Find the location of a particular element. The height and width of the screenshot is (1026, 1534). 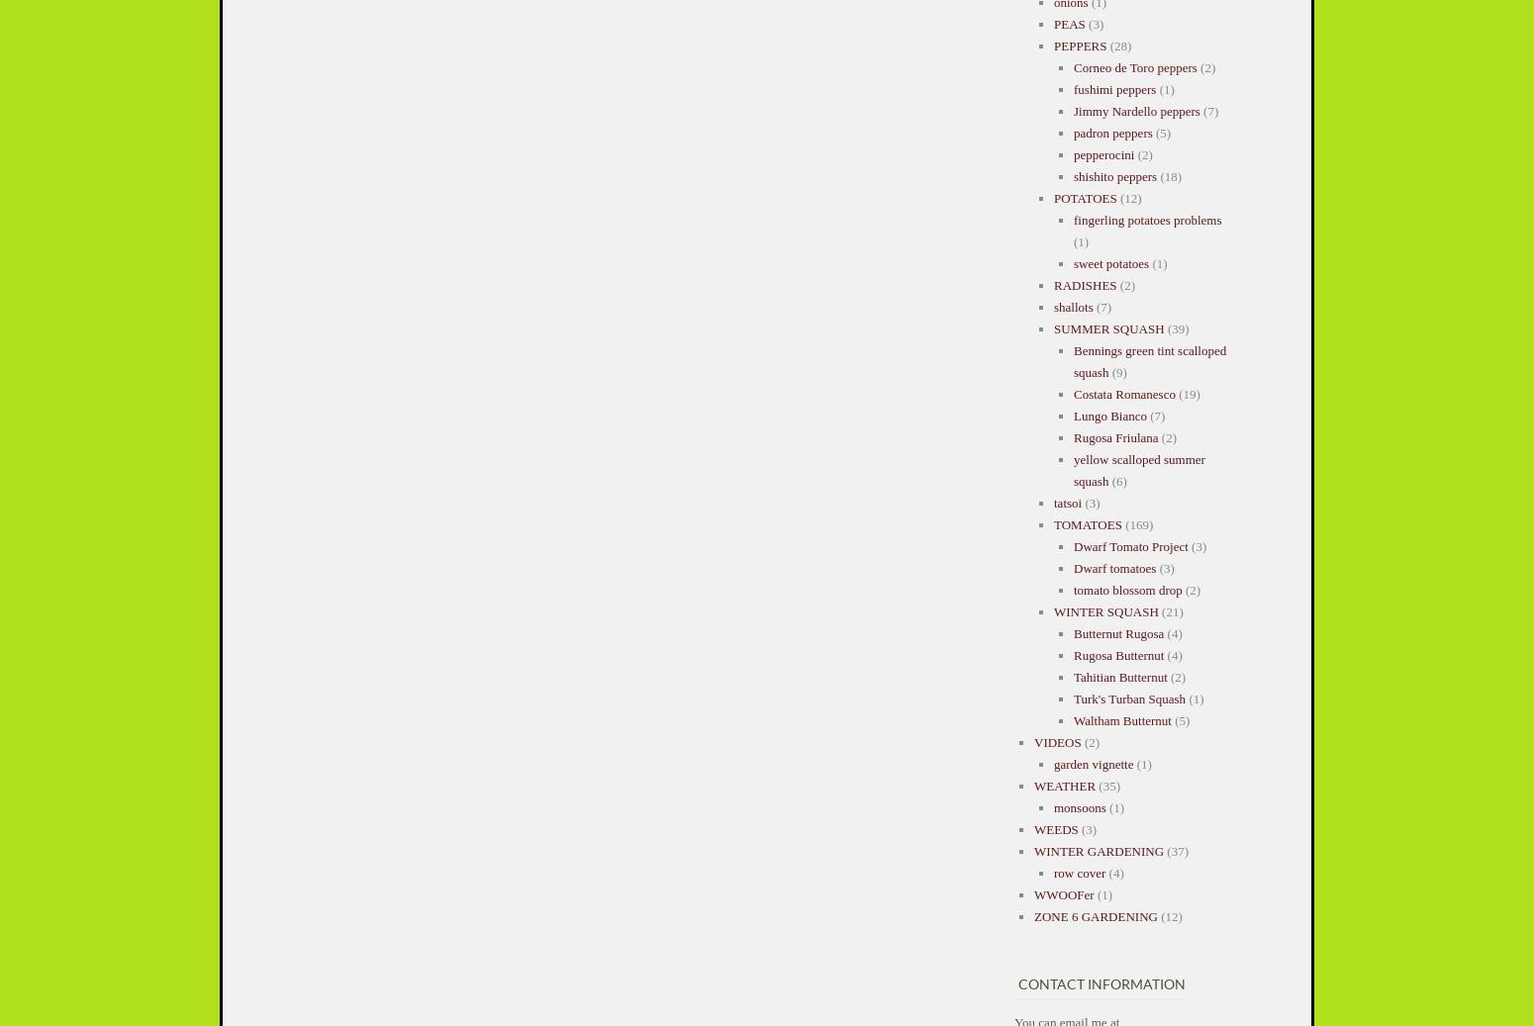

'tomato blossom drop' is located at coordinates (1074, 590).